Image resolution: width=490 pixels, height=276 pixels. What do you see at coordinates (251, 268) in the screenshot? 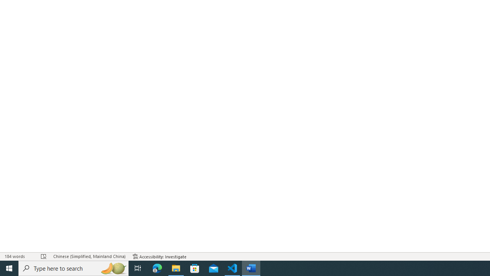
I see `'Word - 1 running window'` at bounding box center [251, 268].